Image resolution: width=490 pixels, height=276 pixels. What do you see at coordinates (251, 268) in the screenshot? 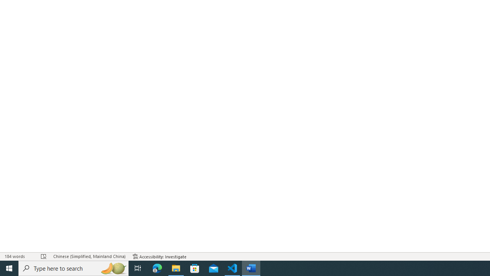
I see `'Word - 1 running window'` at bounding box center [251, 268].